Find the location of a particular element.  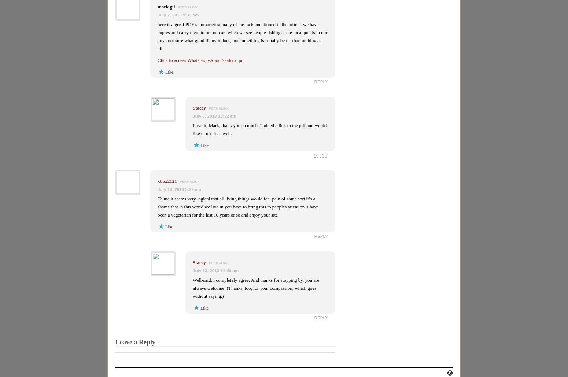

'July 13, 2013 5:22 am' is located at coordinates (179, 189).